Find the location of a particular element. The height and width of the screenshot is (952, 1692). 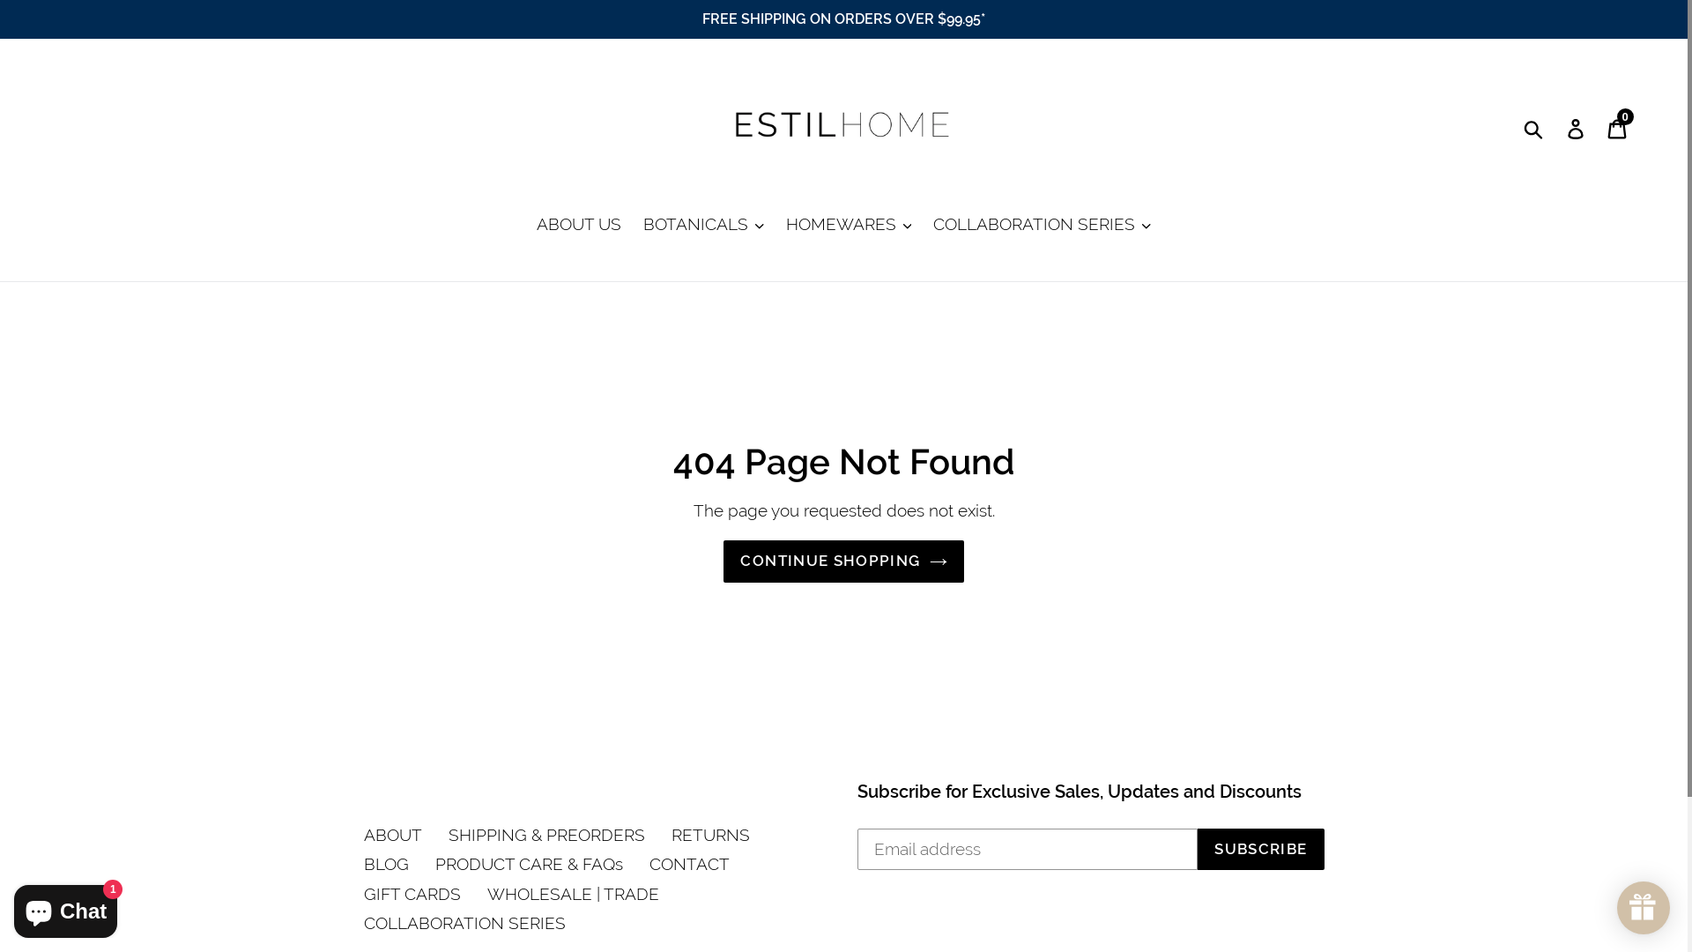

'ABOUT' is located at coordinates (391, 834).